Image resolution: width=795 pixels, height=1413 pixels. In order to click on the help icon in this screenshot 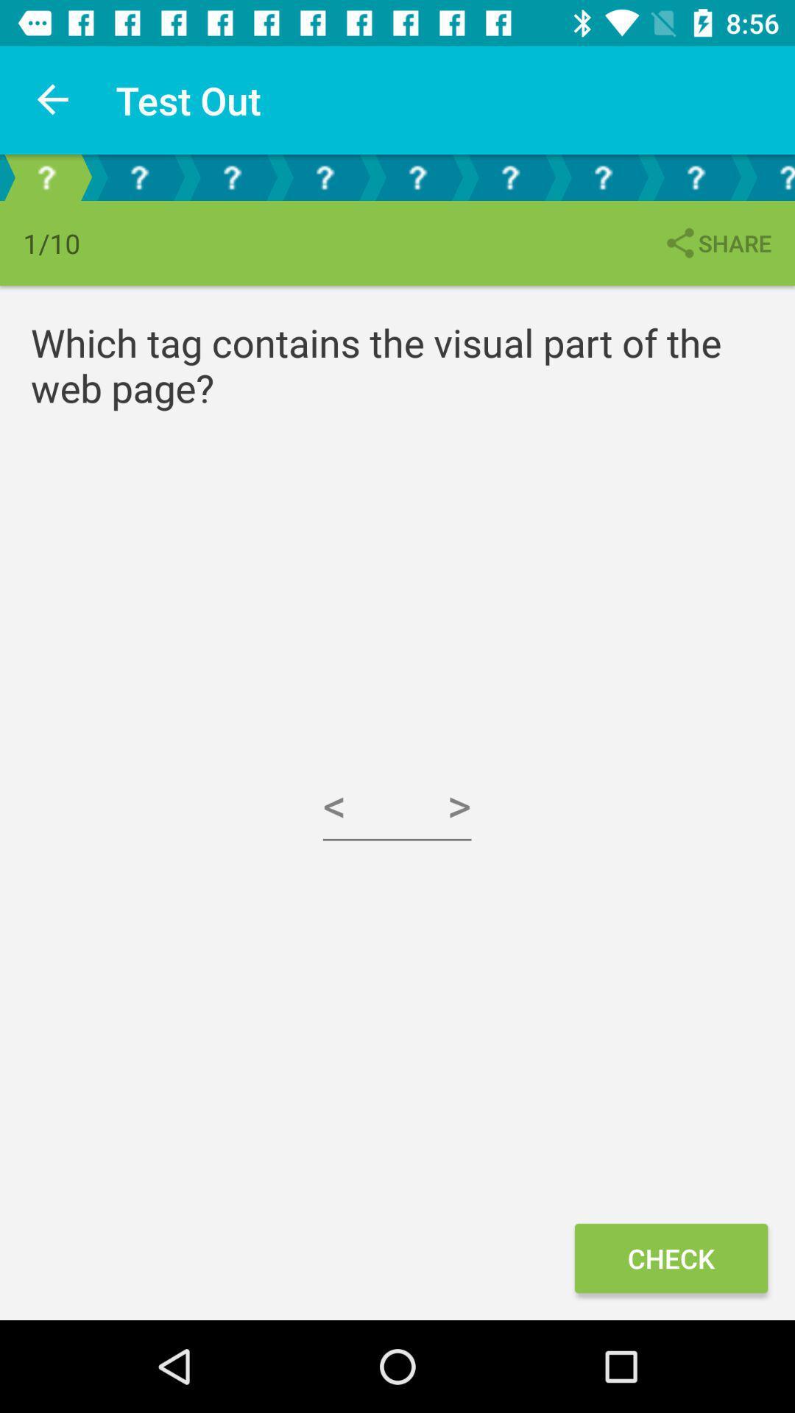, I will do `click(509, 177)`.